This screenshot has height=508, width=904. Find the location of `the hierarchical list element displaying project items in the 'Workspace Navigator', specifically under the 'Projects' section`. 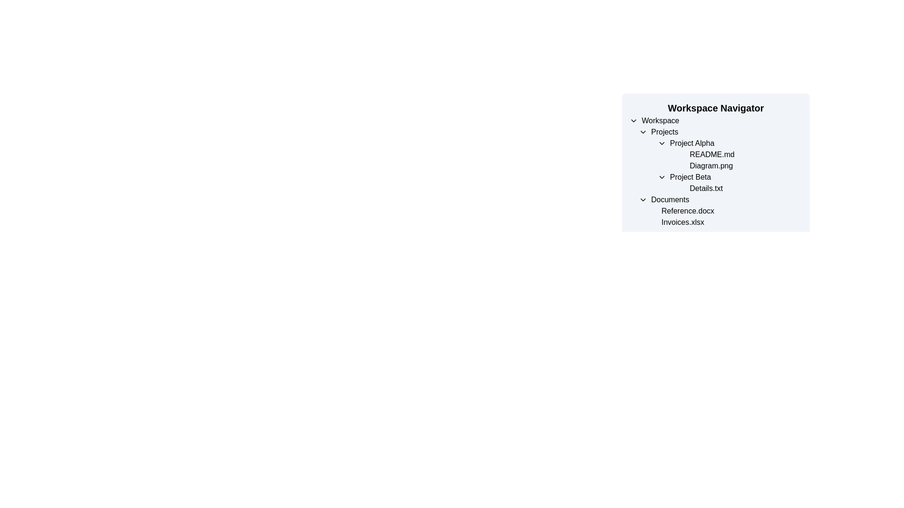

the hierarchical list element displaying project items in the 'Workspace Navigator', specifically under the 'Projects' section is located at coordinates (716, 159).